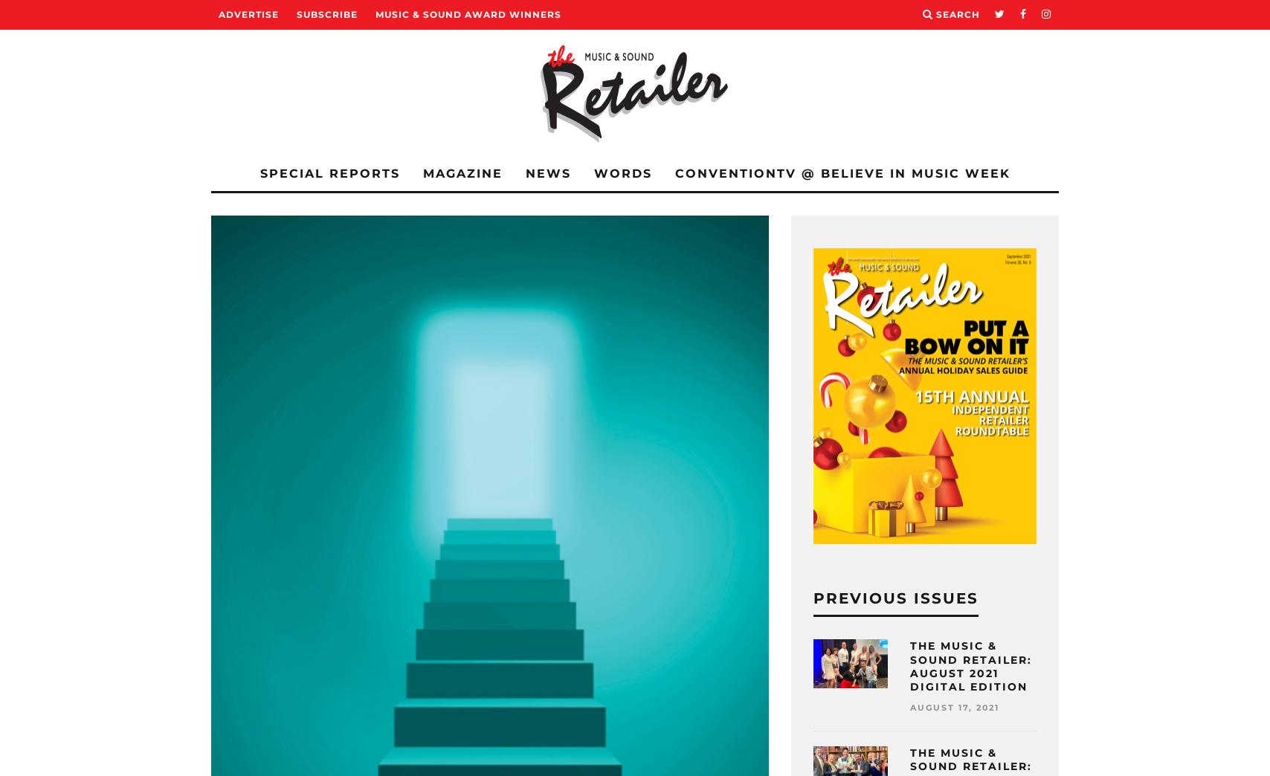 The height and width of the screenshot is (776, 1270). What do you see at coordinates (300, 367) in the screenshot?
I see `'Under The Hood'` at bounding box center [300, 367].